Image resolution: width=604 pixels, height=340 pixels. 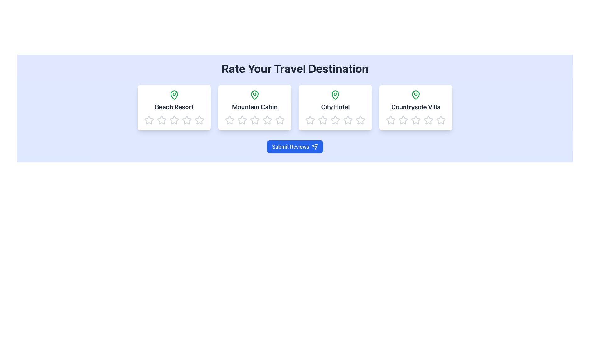 I want to click on the first star icon in the 'City Hotel' card, so click(x=335, y=120).